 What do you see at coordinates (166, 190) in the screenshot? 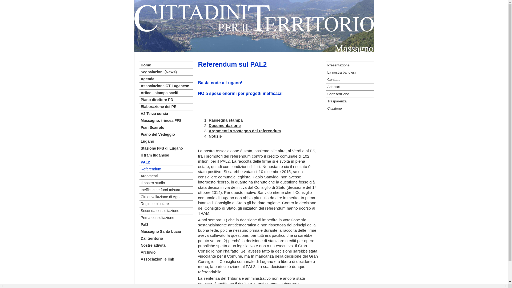
I see `'Inefficace e fuori misura'` at bounding box center [166, 190].